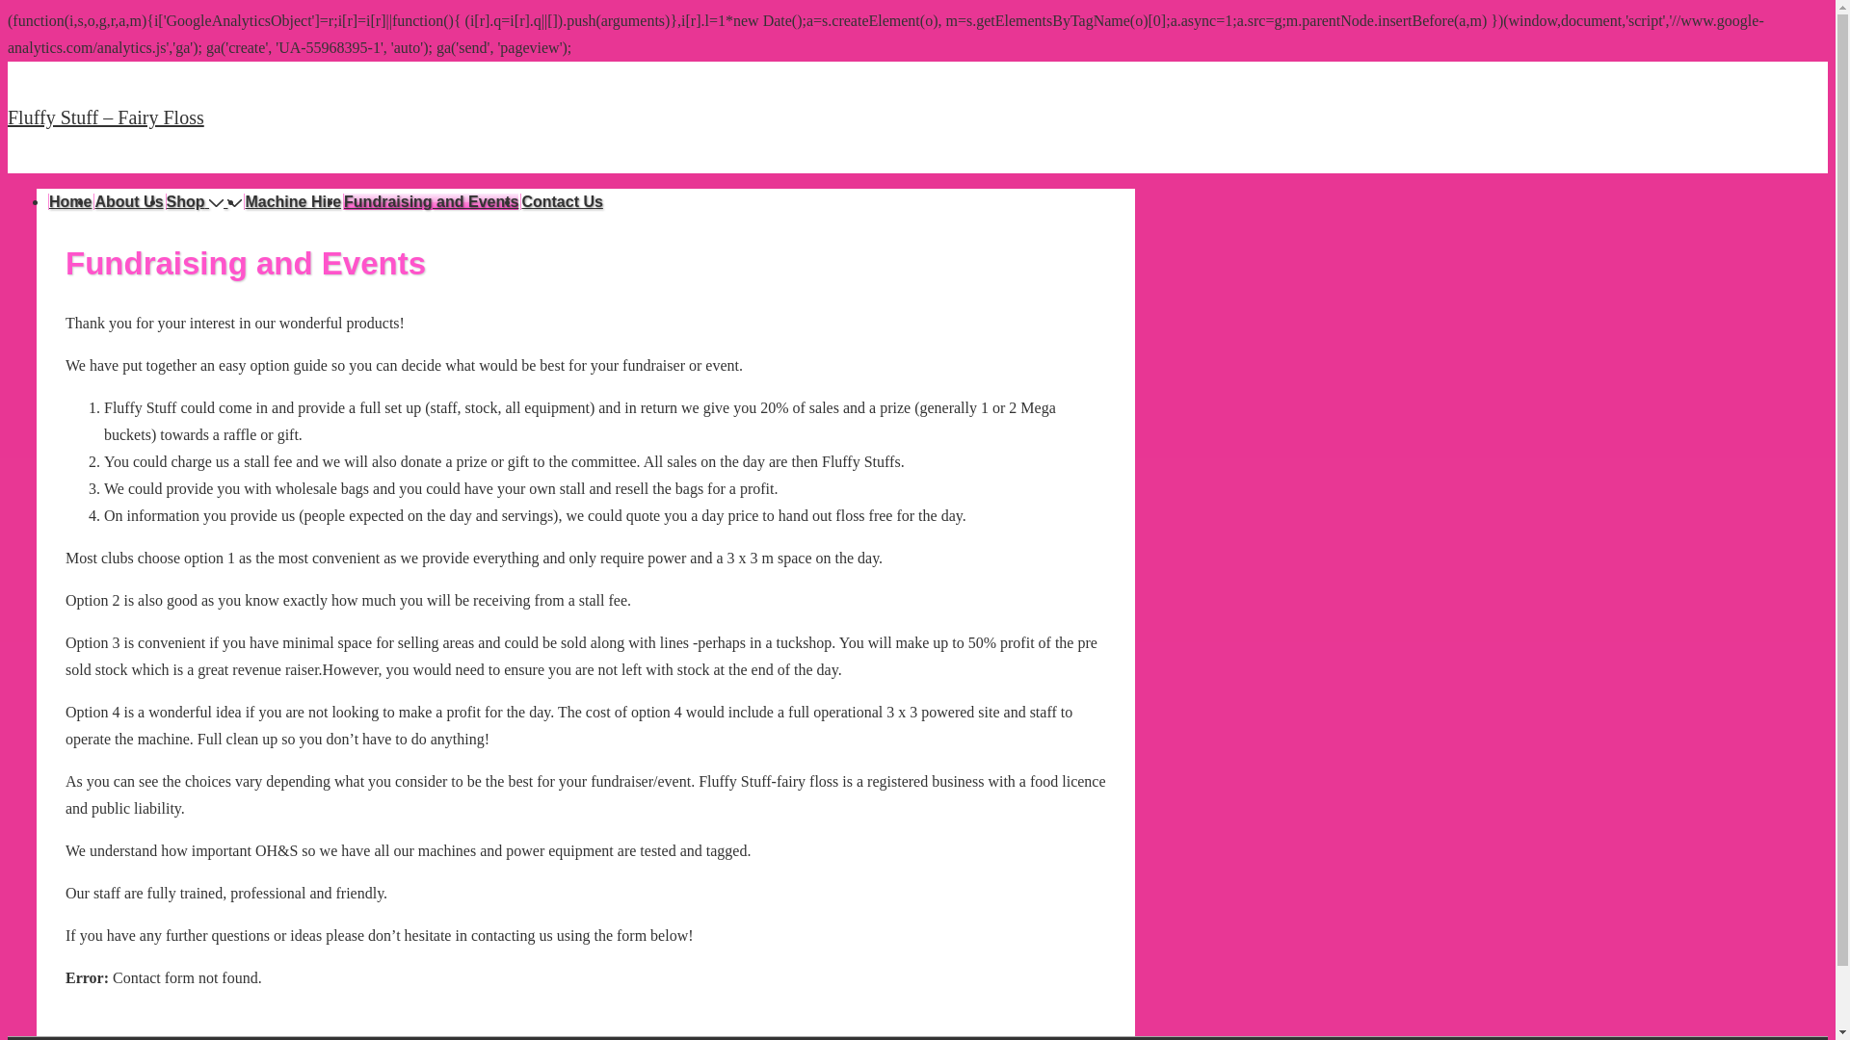 The width and height of the screenshot is (1850, 1040). I want to click on 'About Us', so click(92, 201).